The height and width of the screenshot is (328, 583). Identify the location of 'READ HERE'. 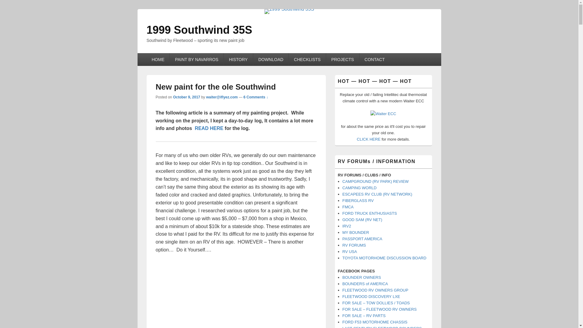
(195, 128).